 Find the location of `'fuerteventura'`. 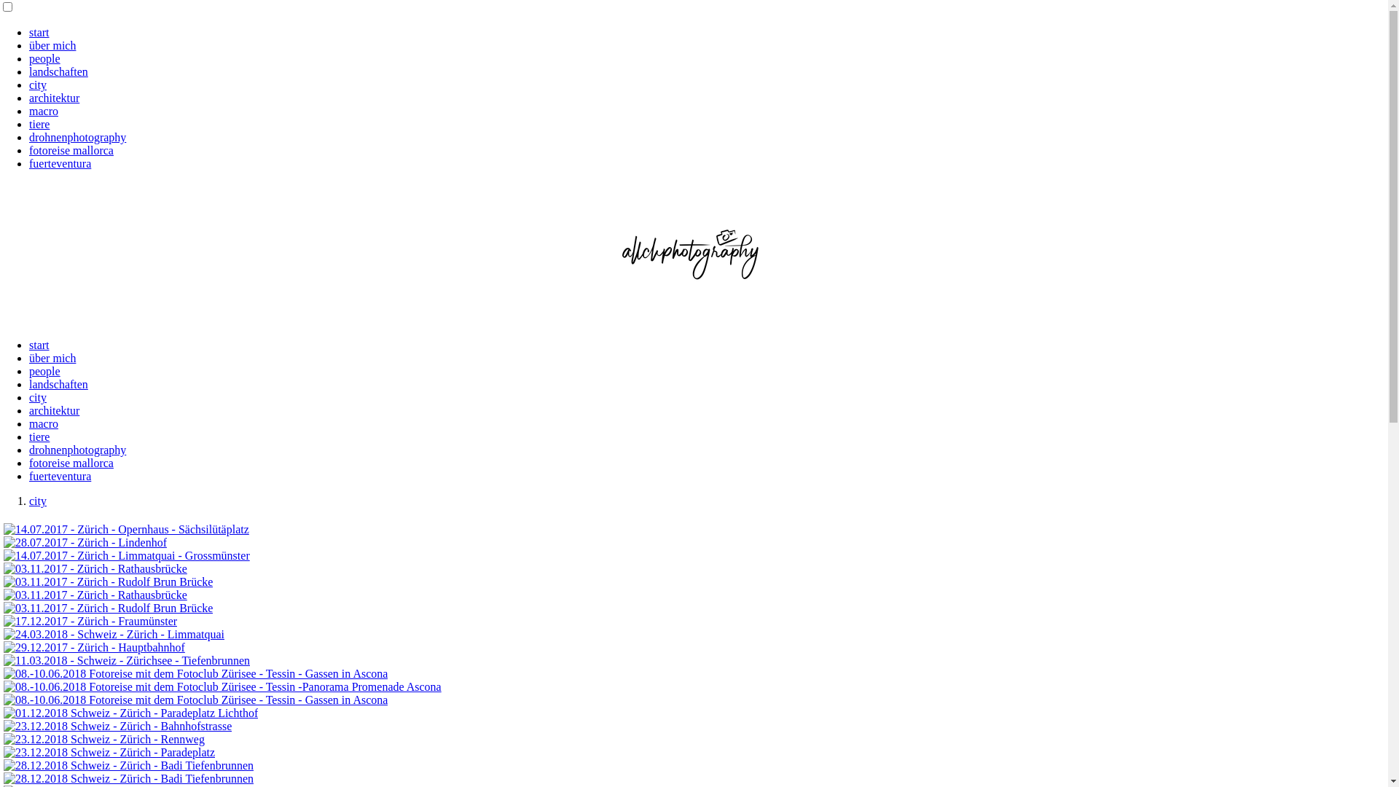

'fuerteventura' is located at coordinates (28, 476).